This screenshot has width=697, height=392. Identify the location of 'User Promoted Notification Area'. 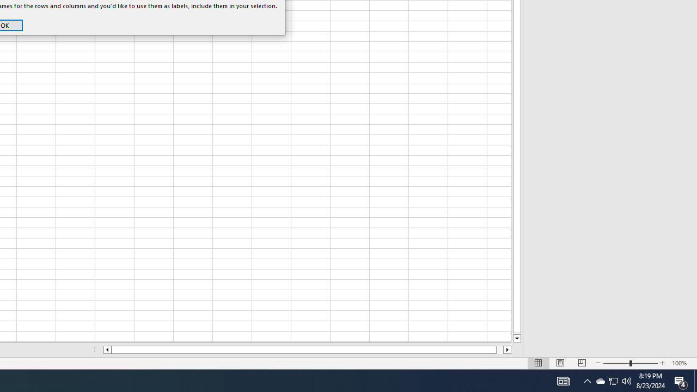
(614, 380).